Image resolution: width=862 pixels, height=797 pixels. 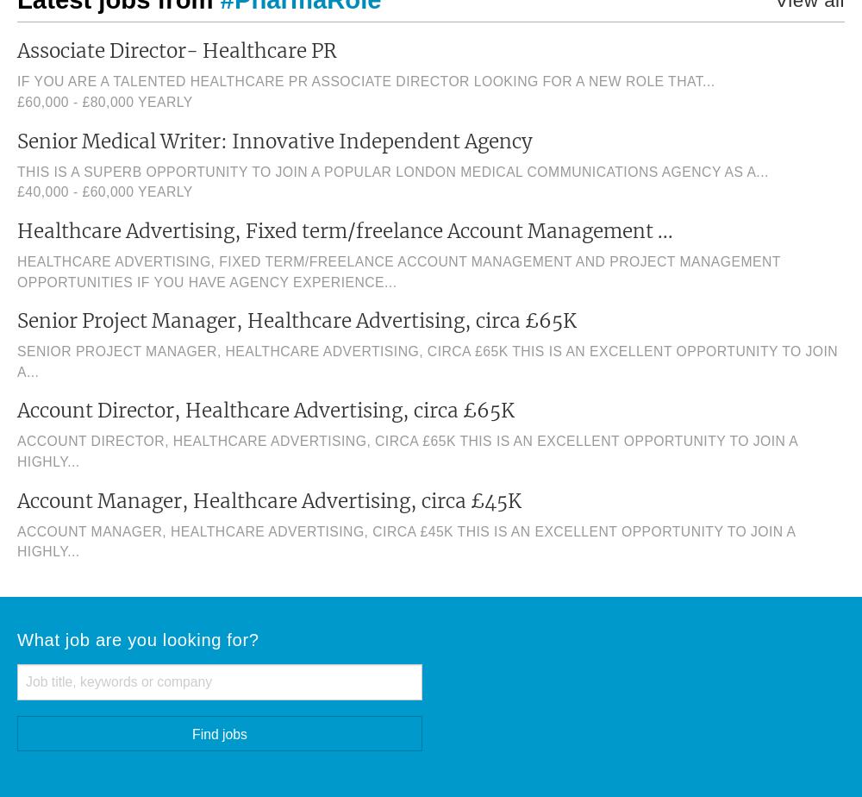 I want to click on 'Healthcare Advertising, Fixed term/freelance Account Management and Project Management opportunities If you have agency experience...', so click(x=397, y=271).